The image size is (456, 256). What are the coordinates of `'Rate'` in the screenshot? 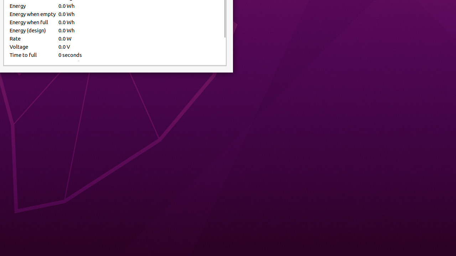 It's located at (32, 38).